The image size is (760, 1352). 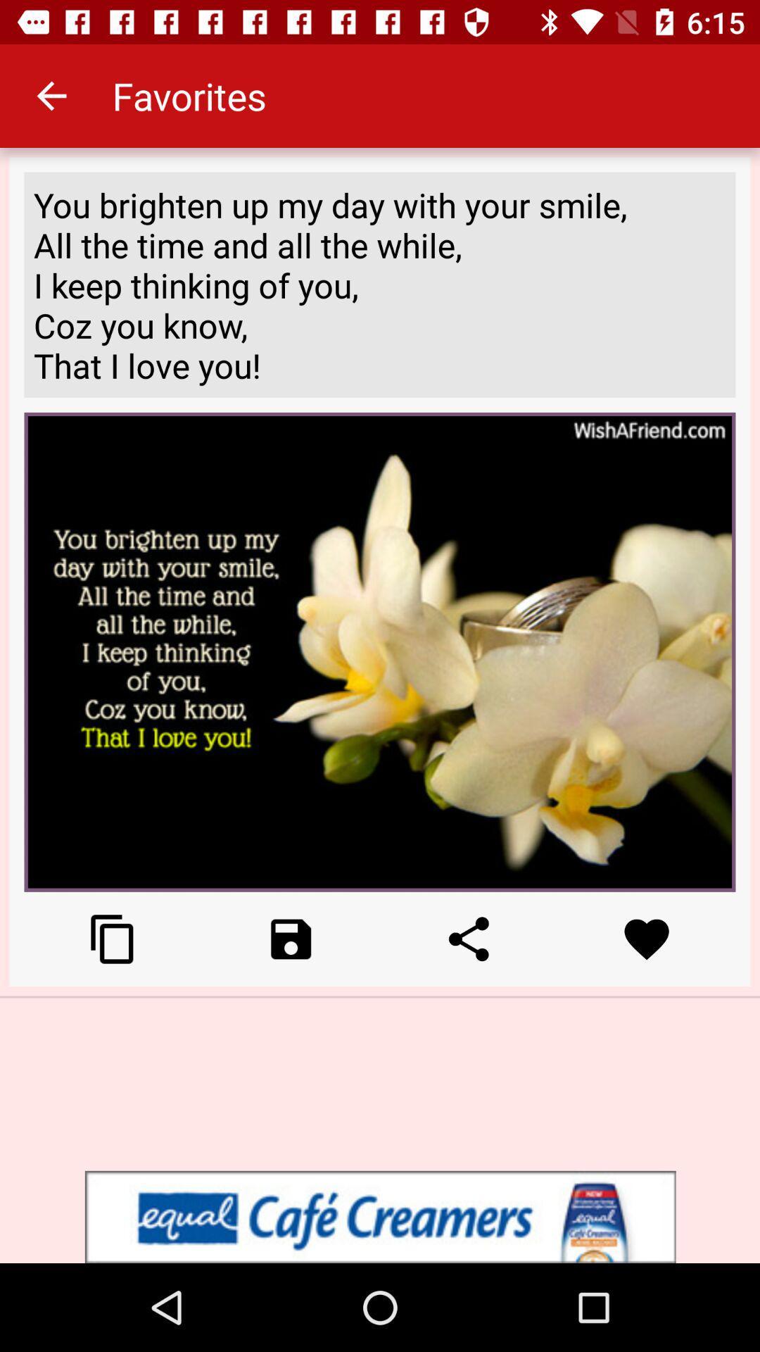 What do you see at coordinates (647, 939) in the screenshot?
I see `favourites` at bounding box center [647, 939].